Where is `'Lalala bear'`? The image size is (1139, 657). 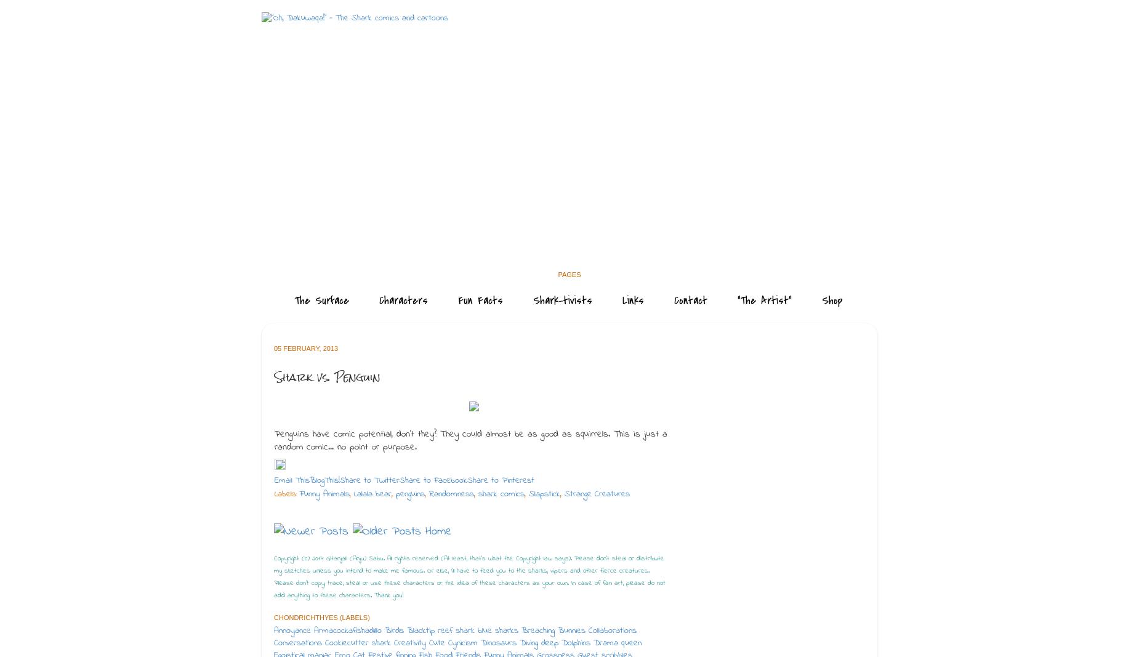 'Lalala bear' is located at coordinates (353, 493).